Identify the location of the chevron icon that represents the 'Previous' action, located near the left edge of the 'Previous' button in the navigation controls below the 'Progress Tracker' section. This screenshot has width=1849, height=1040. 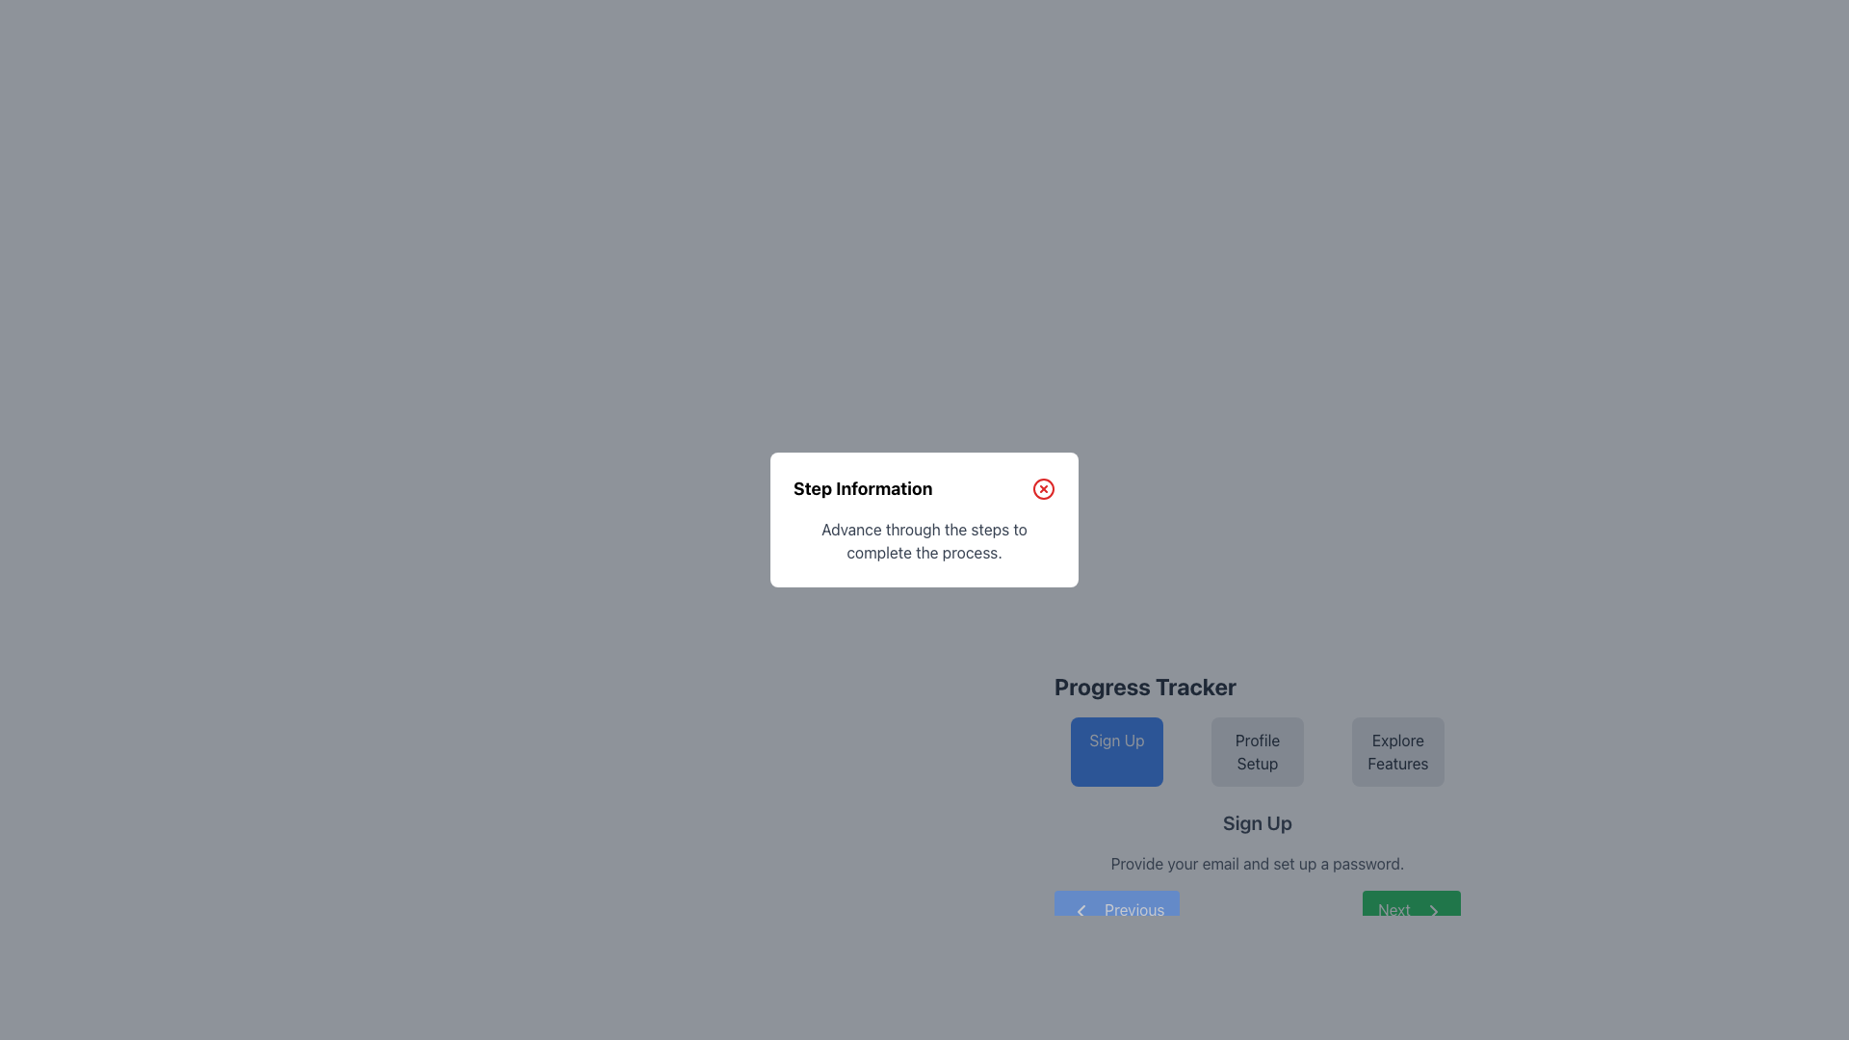
(1081, 910).